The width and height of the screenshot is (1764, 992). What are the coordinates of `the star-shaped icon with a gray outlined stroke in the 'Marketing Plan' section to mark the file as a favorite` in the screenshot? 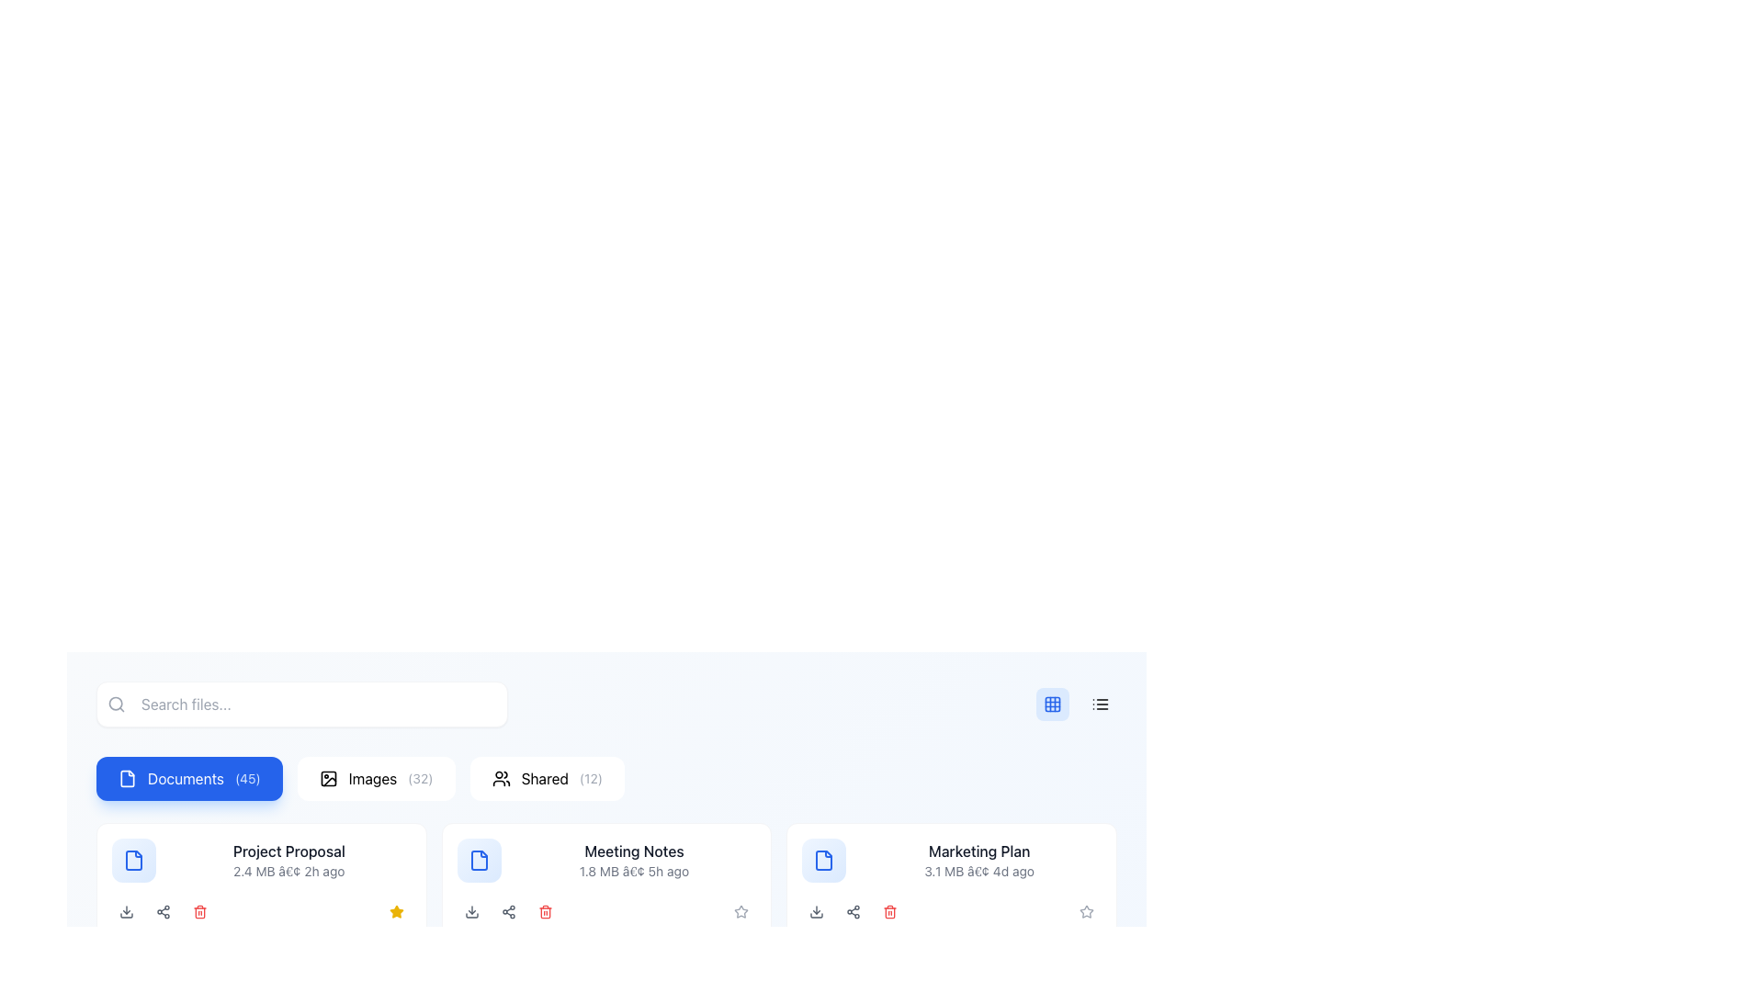 It's located at (741, 911).